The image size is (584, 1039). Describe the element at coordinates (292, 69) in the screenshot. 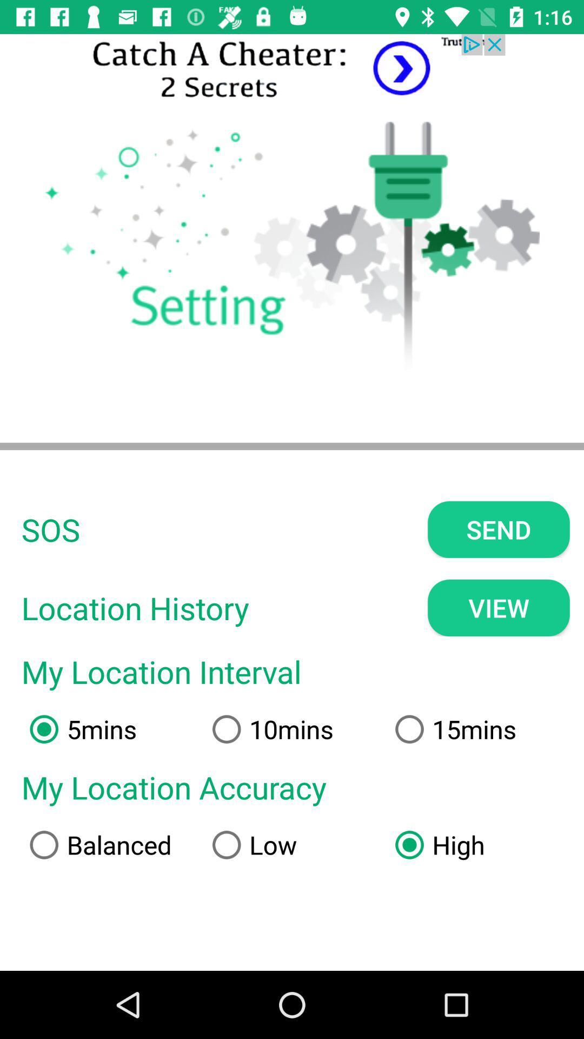

I see `open advertisement` at that location.